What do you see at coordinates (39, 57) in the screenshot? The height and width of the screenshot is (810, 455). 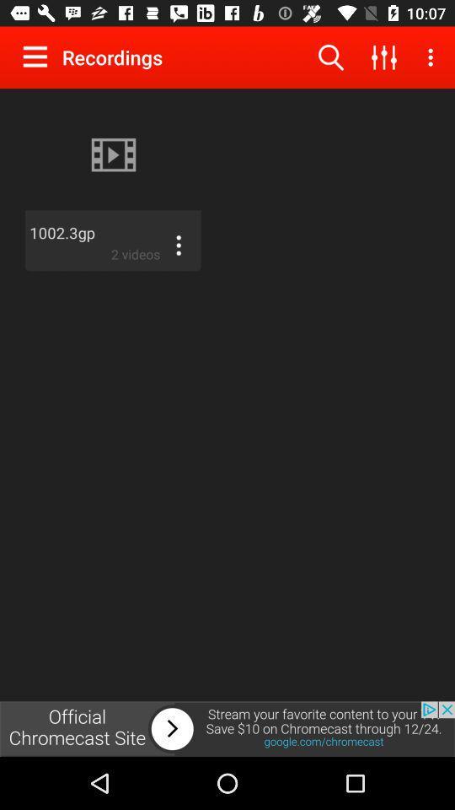 I see `options` at bounding box center [39, 57].